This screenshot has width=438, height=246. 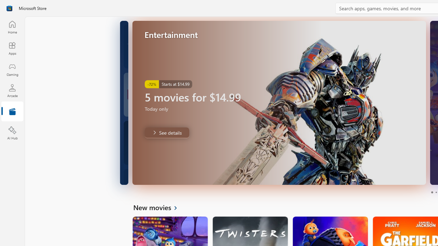 I want to click on 'AI Hub', so click(x=12, y=133).